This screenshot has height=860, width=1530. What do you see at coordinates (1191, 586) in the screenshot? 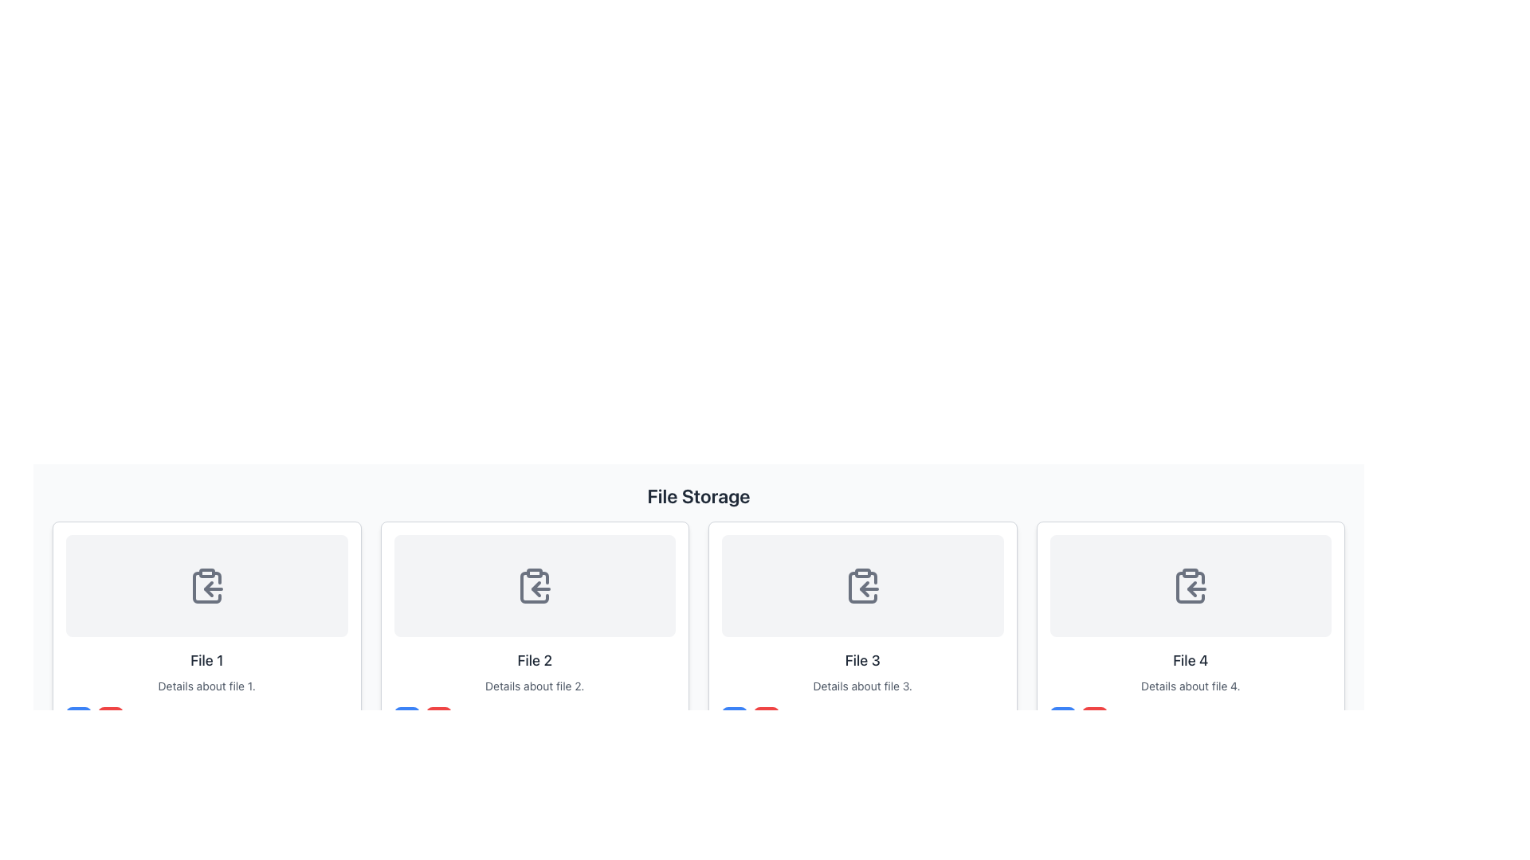
I see `the copy icon located at the center-top of the 'File 4' card for interaction` at bounding box center [1191, 586].